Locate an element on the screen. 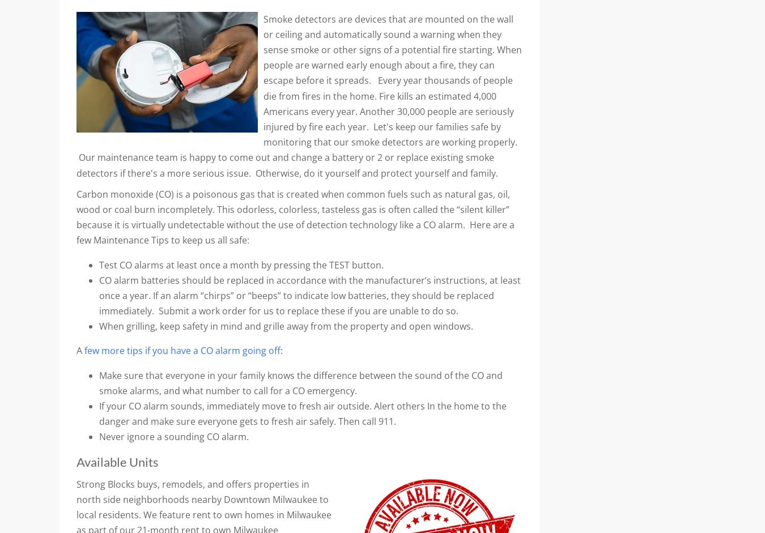 Image resolution: width=765 pixels, height=533 pixels. 'Test CO alarms at least once a month by pressing the TEST button.' is located at coordinates (99, 265).